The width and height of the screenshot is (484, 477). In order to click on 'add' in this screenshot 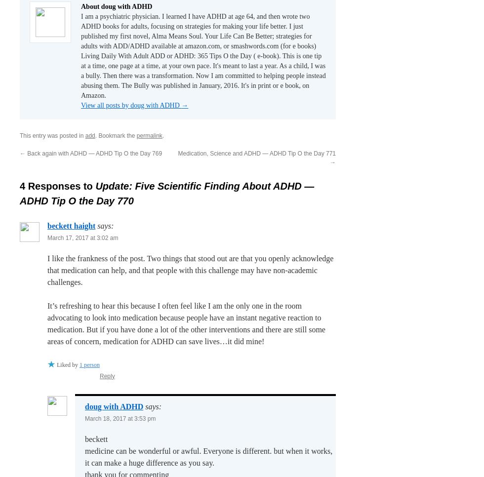, I will do `click(89, 135)`.